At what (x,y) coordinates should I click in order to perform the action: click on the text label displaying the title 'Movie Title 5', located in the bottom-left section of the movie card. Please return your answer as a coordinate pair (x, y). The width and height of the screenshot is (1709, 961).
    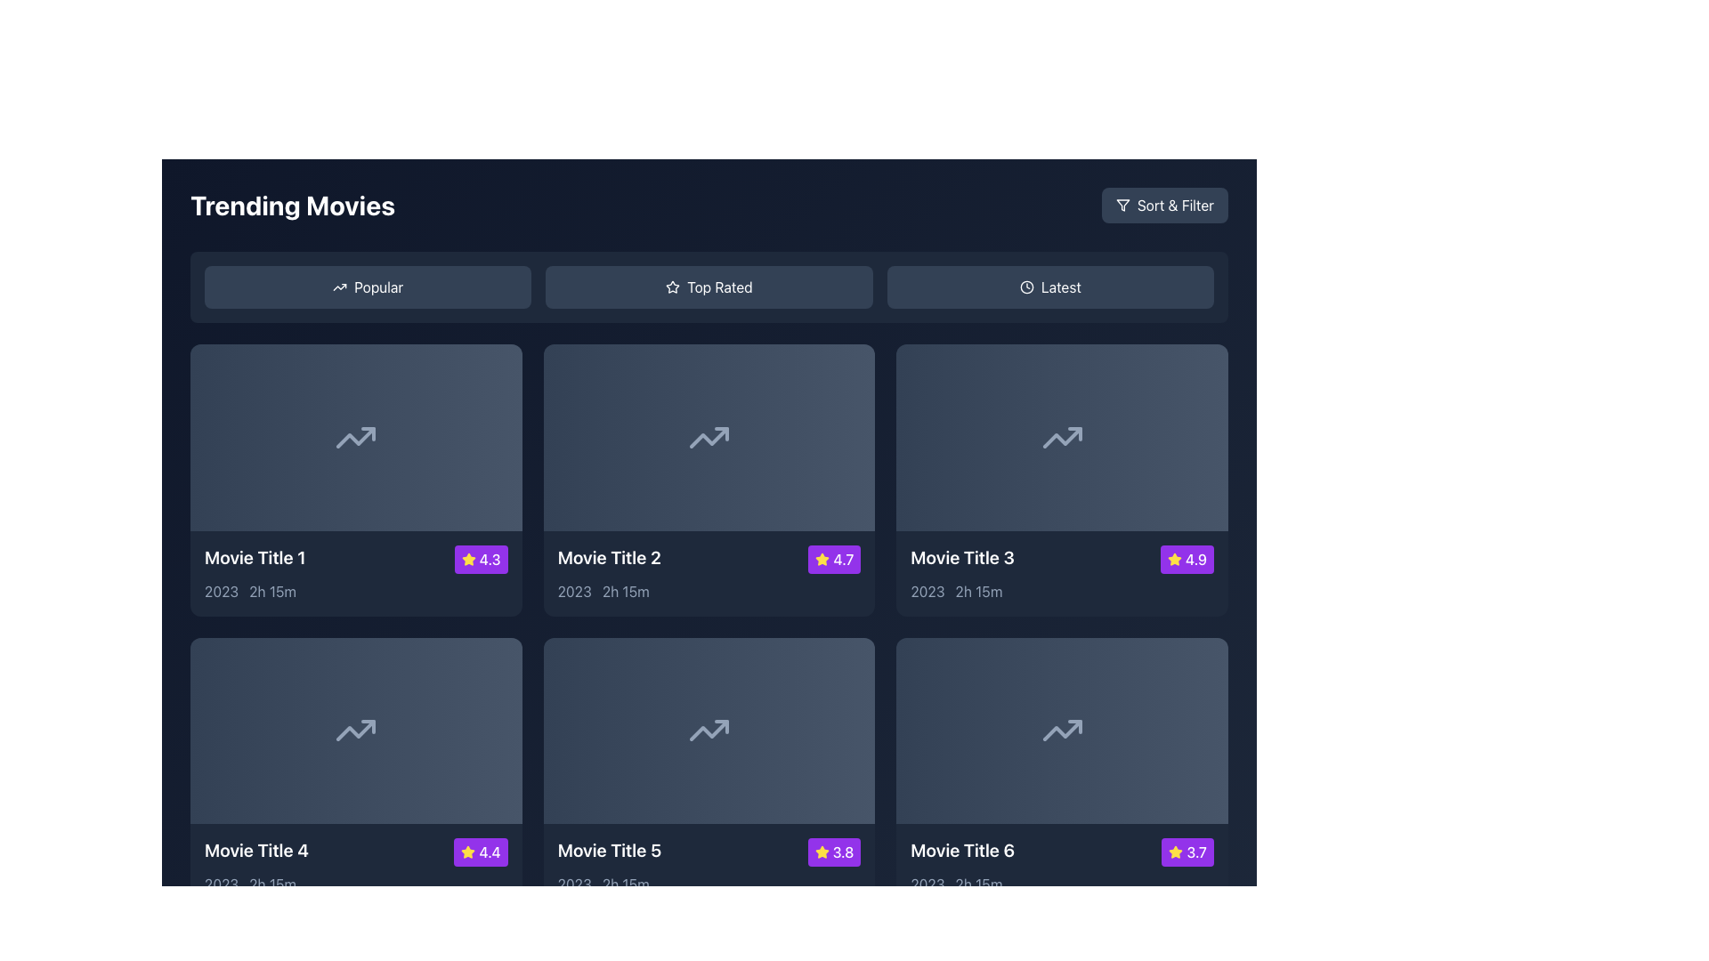
    Looking at the image, I should click on (609, 850).